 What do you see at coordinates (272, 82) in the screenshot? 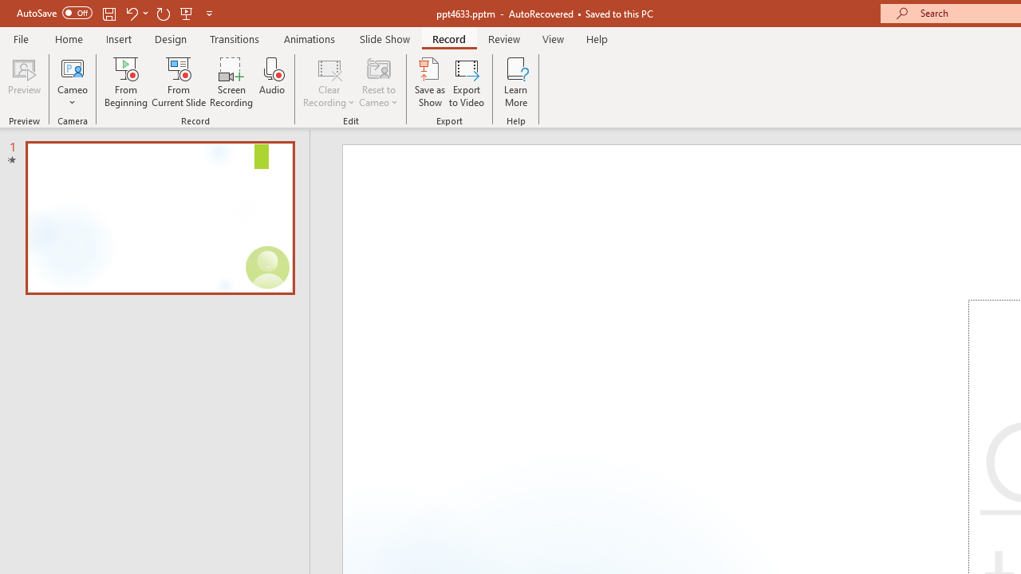
I see `'Audio'` at bounding box center [272, 82].